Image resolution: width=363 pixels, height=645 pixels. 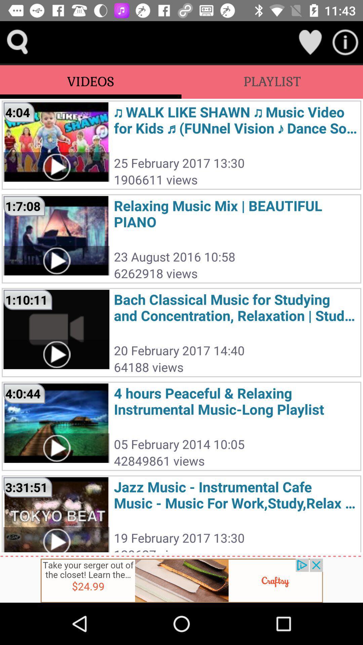 What do you see at coordinates (17, 42) in the screenshot?
I see `the search icon` at bounding box center [17, 42].